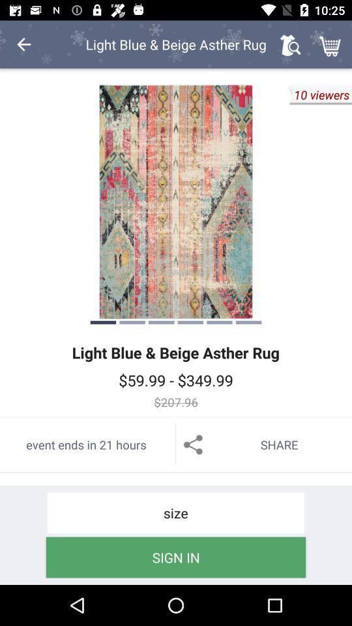 This screenshot has height=626, width=352. I want to click on icon to the left of the light blue beige icon, so click(23, 44).